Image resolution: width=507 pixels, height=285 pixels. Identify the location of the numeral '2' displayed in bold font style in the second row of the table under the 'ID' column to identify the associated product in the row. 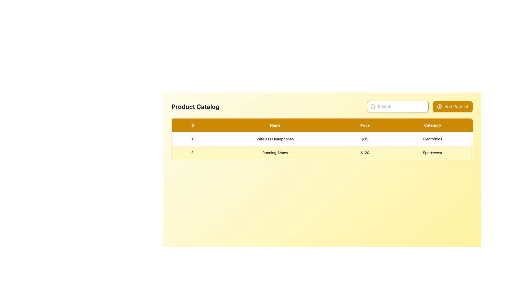
(192, 153).